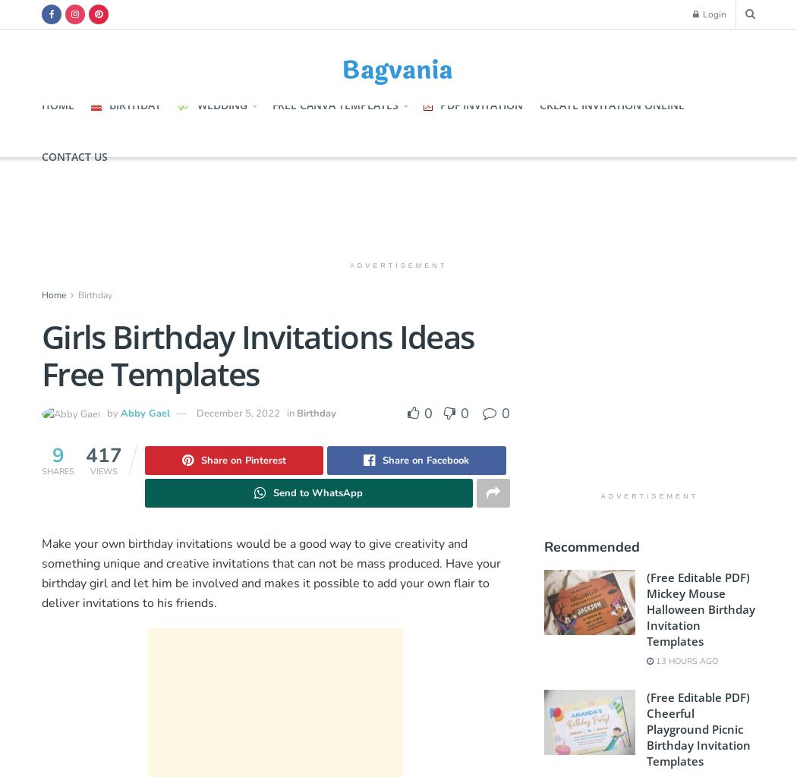 The image size is (797, 777). Describe the element at coordinates (41, 563) in the screenshot. I see `'something'` at that location.